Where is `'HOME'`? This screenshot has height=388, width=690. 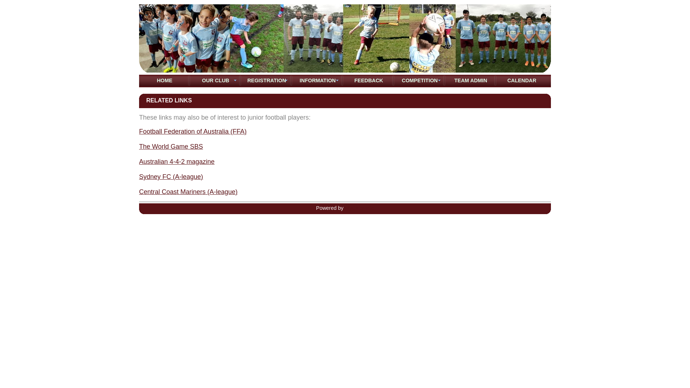 'HOME' is located at coordinates (164, 80).